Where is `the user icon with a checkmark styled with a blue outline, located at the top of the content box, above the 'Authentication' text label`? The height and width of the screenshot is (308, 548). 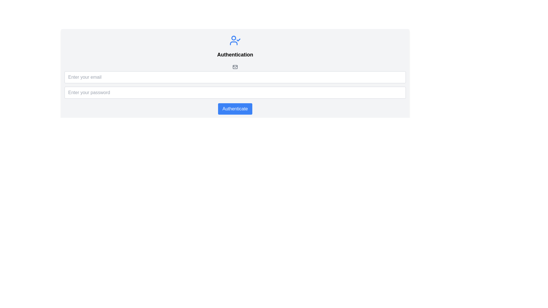 the user icon with a checkmark styled with a blue outline, located at the top of the content box, above the 'Authentication' text label is located at coordinates (235, 40).